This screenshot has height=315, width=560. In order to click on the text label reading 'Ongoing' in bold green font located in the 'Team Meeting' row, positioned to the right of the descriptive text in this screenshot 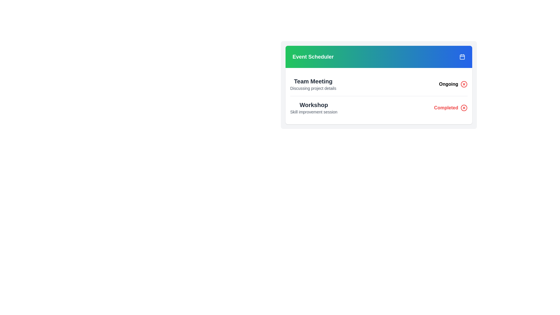, I will do `click(448, 84)`.